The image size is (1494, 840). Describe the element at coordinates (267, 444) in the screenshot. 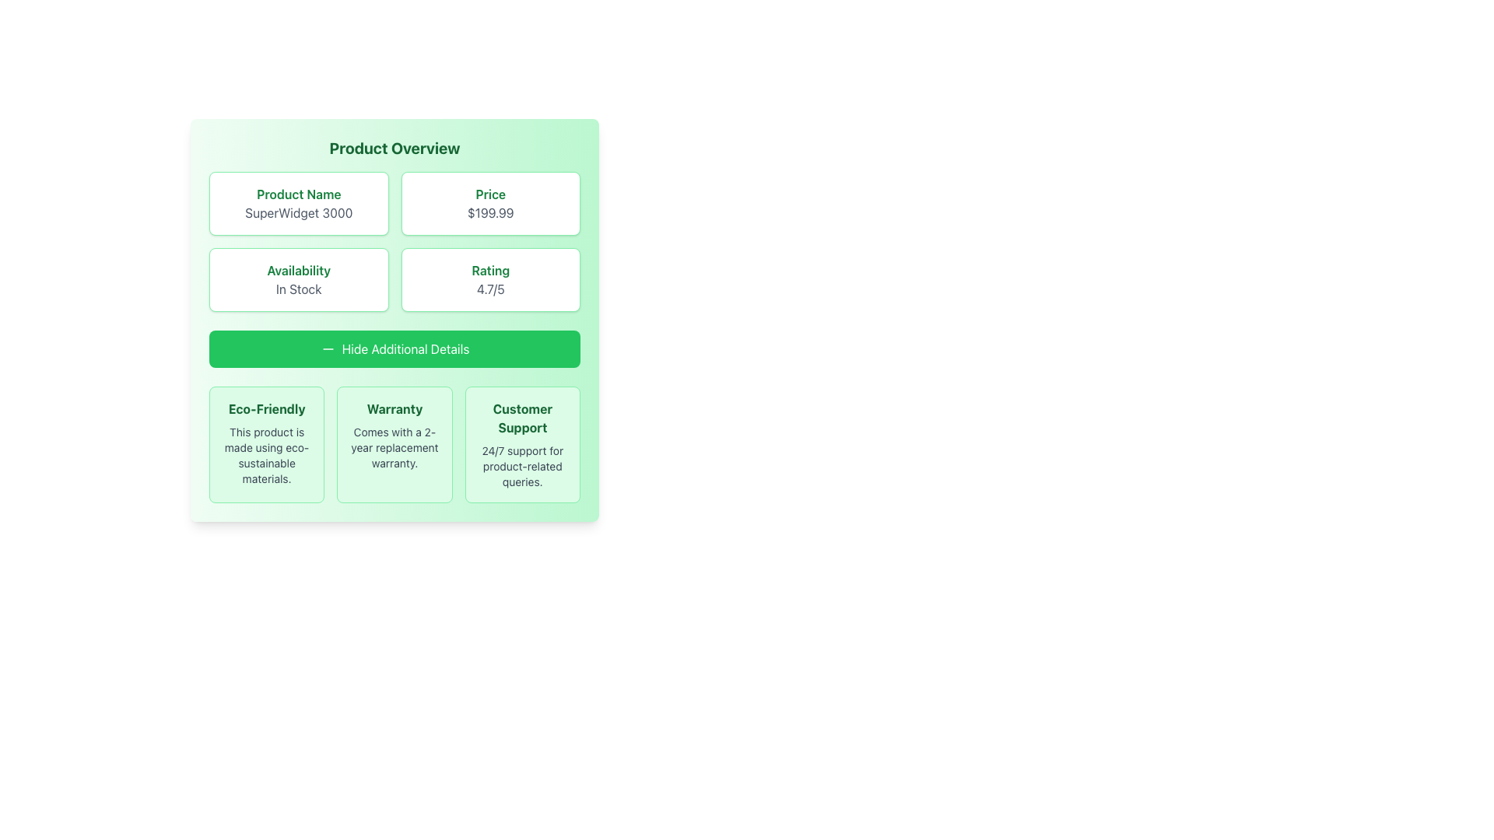

I see `displayed text from the Informative Card about the product's eco-friendly attributes, which is the first card in the 'Product Overview' section` at that location.